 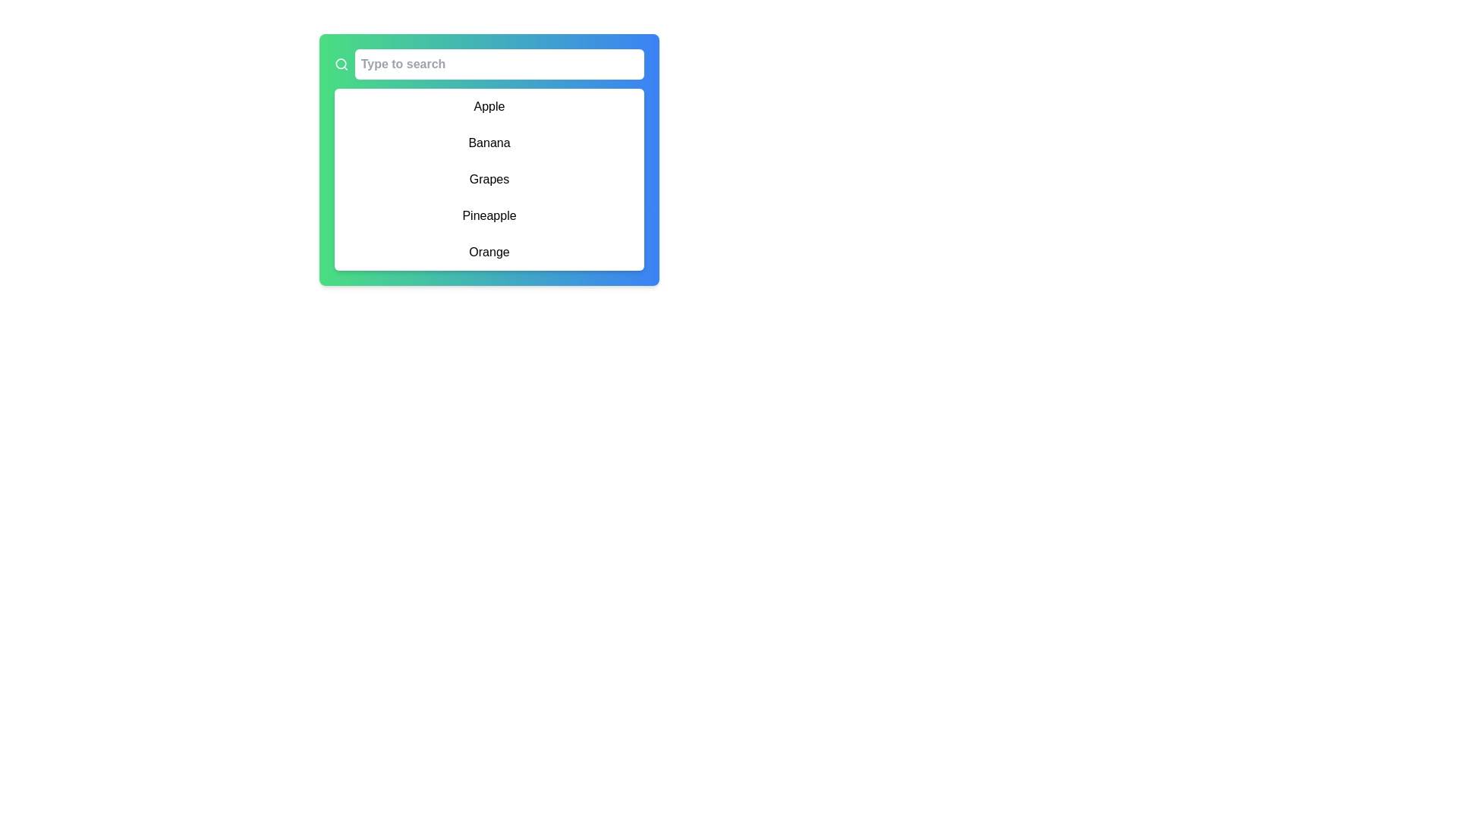 I want to click on the selectable list item displaying the word 'Banana', so click(x=489, y=143).